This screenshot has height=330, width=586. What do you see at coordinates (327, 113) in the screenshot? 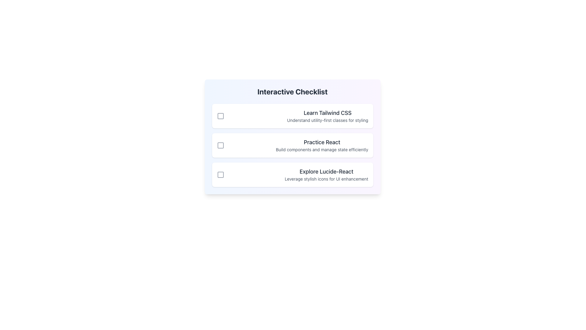
I see `the text label displaying 'Learn Tailwind CSS', which is styled in a medium-sized bold dark gray font, located at the top of the checklist card above the subtitle 'Understand utility-first classes for styling'` at bounding box center [327, 113].